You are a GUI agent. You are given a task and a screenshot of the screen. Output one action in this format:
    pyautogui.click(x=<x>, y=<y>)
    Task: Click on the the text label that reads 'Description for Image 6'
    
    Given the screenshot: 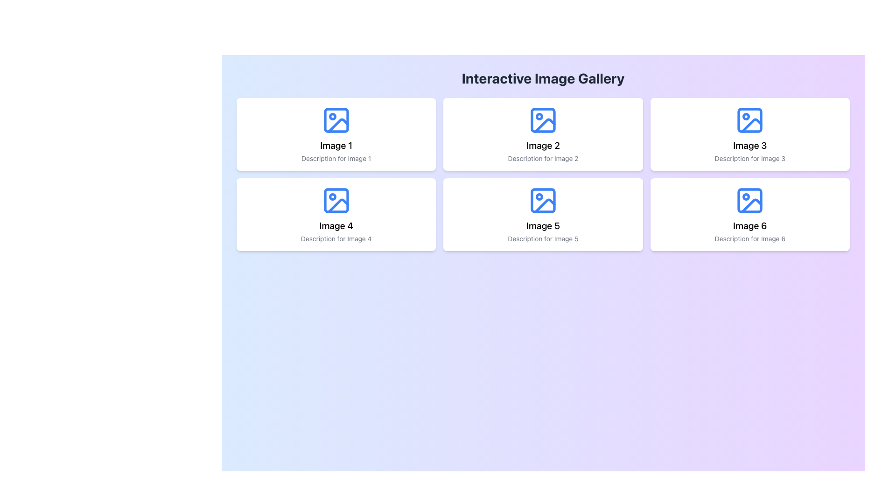 What is the action you would take?
    pyautogui.click(x=750, y=238)
    